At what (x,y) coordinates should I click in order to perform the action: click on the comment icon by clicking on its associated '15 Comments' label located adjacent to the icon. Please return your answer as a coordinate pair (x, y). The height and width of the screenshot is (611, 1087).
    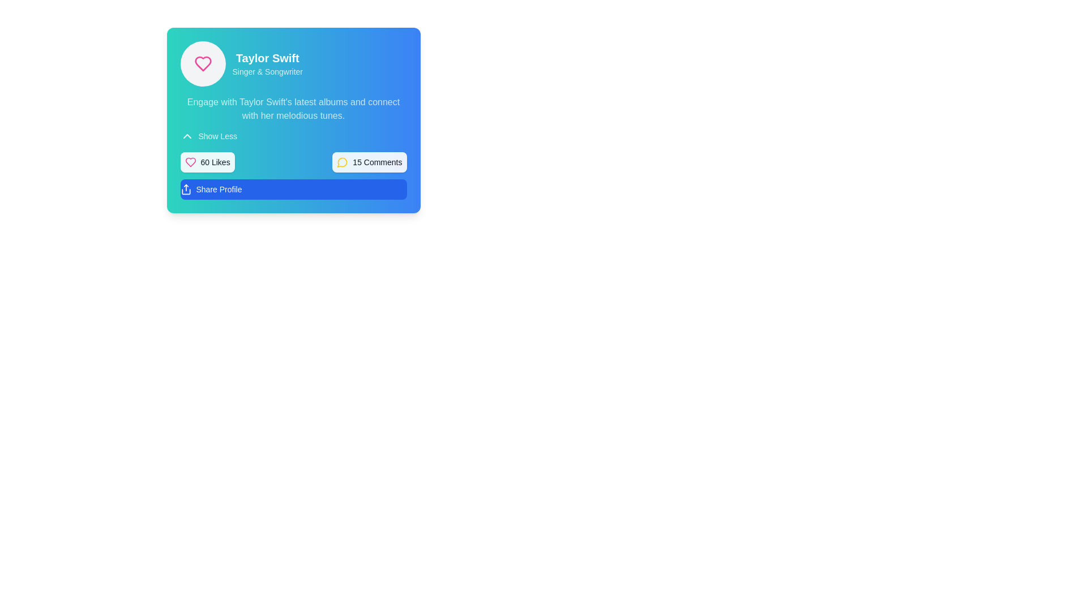
    Looking at the image, I should click on (341, 162).